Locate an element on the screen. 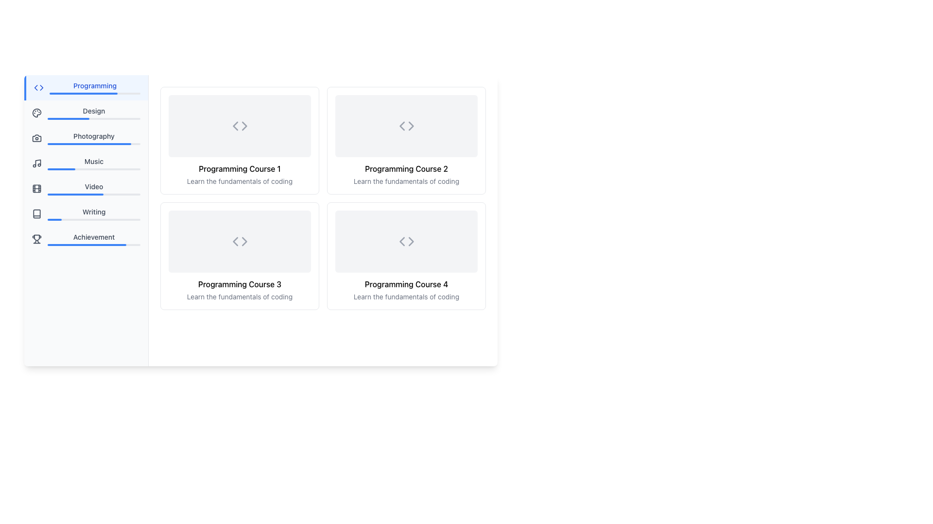  the progress bar is located at coordinates (136, 195).